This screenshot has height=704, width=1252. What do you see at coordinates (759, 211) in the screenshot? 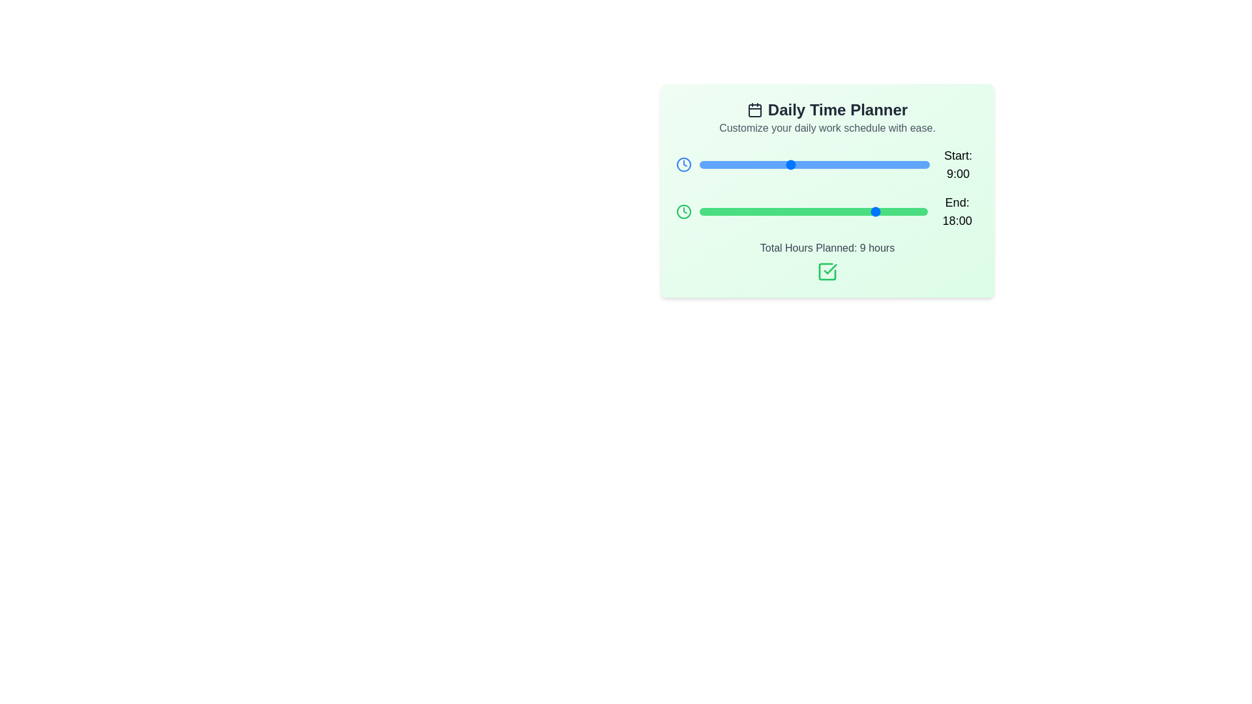
I see `the 'End' slider to set the end time to 6:00` at bounding box center [759, 211].